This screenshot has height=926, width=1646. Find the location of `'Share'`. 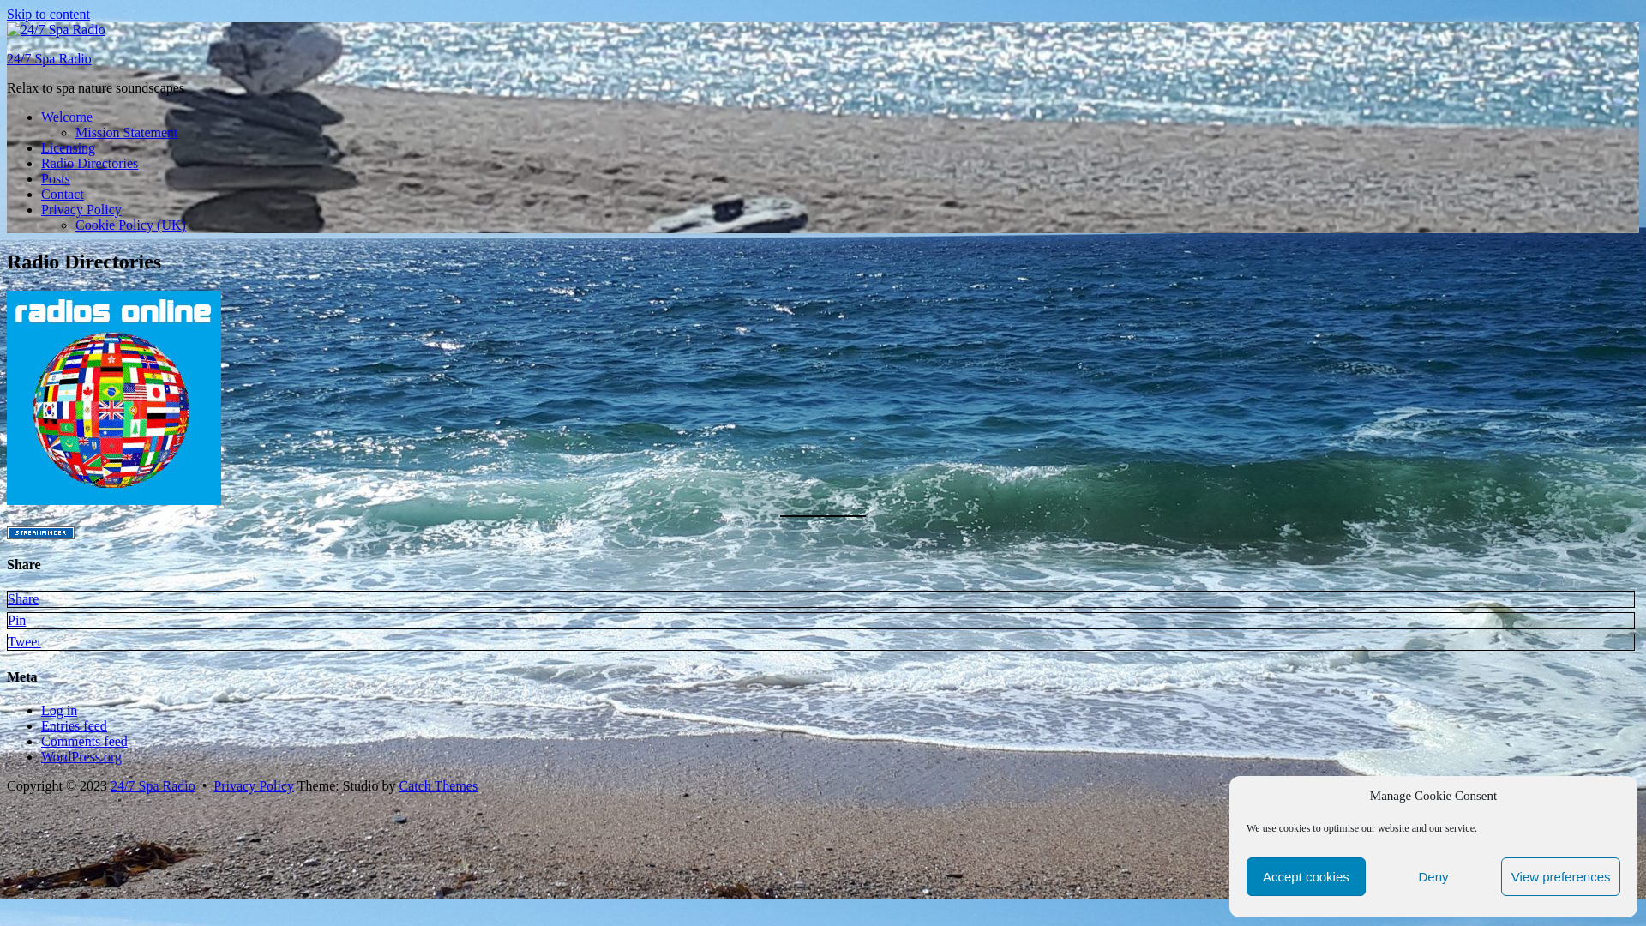

'Share' is located at coordinates (23, 598).